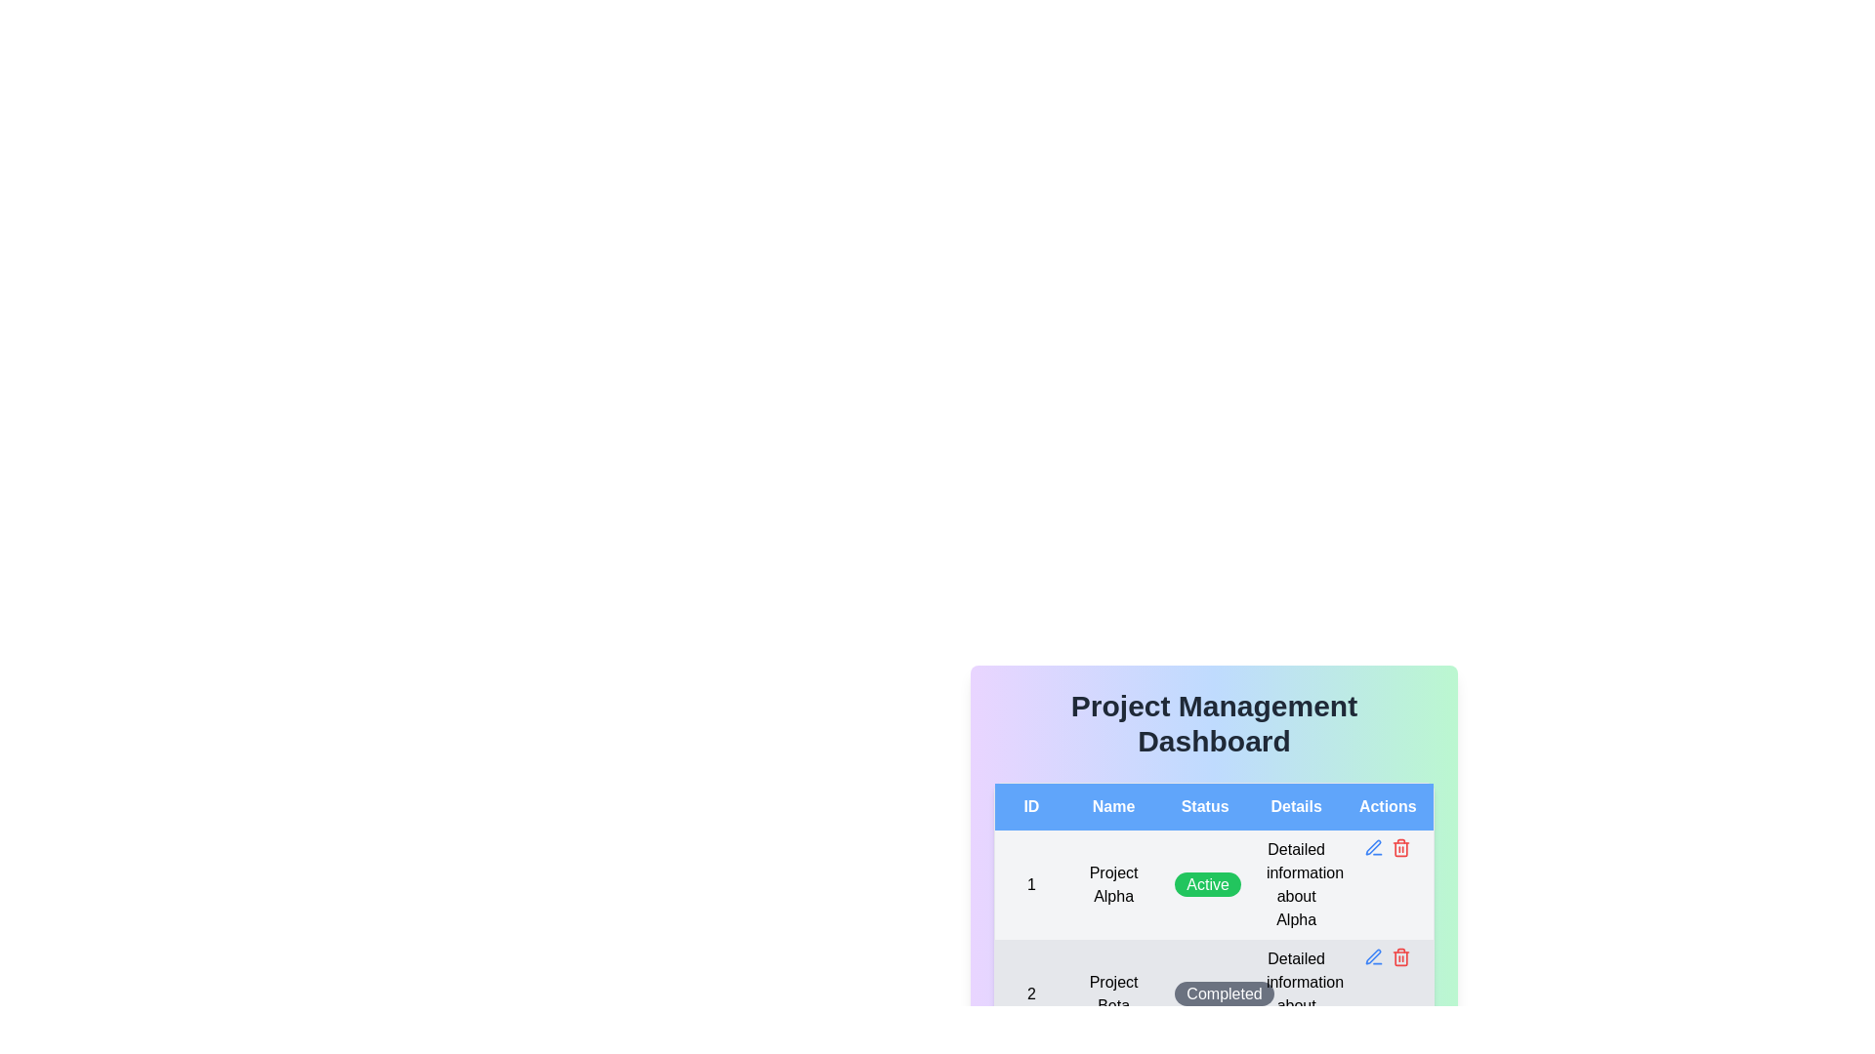  Describe the element at coordinates (1387, 806) in the screenshot. I see `the 'Actions' text label, which is a blue rectangular header in a table layout, located in the top-right region of the interface` at that location.